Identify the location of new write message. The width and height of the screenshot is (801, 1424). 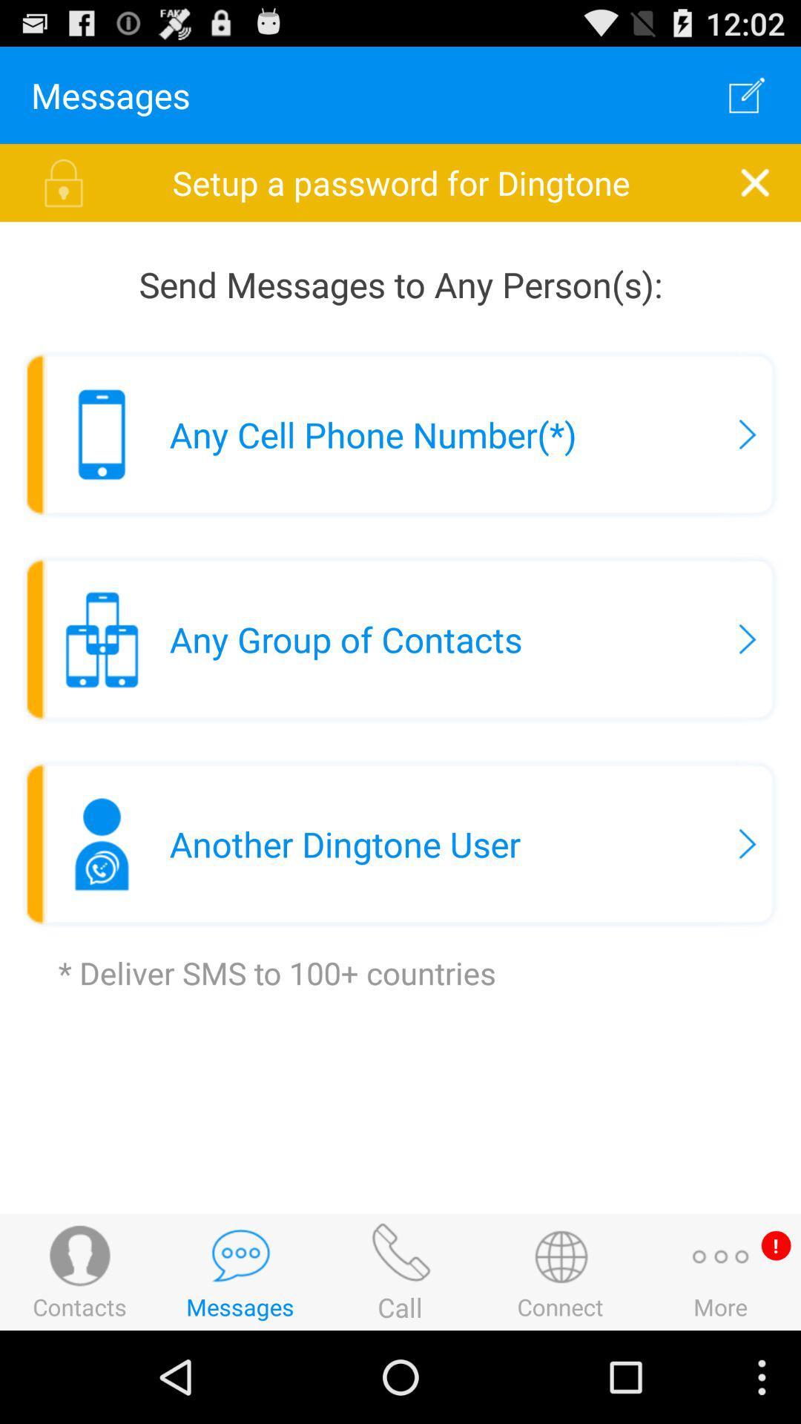
(747, 94).